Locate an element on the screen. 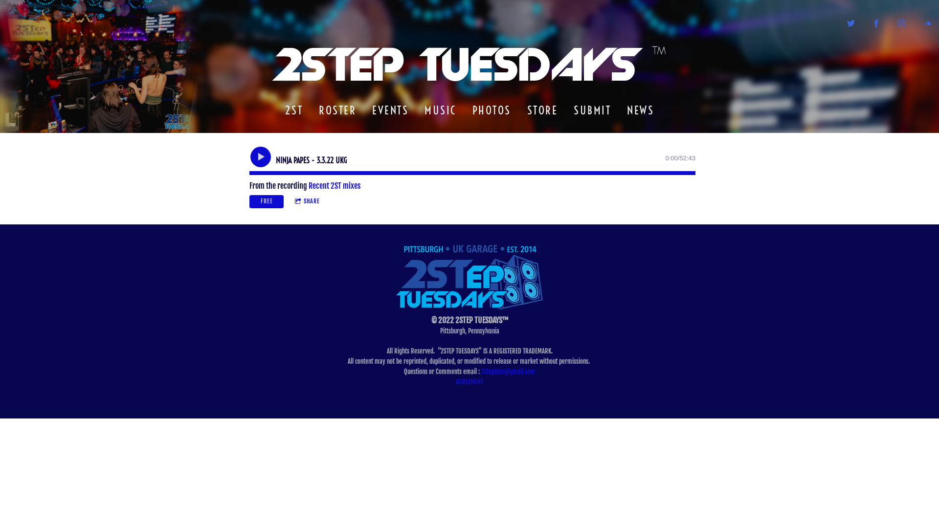 This screenshot has width=939, height=528. 'SUBMIT' is located at coordinates (592, 110).